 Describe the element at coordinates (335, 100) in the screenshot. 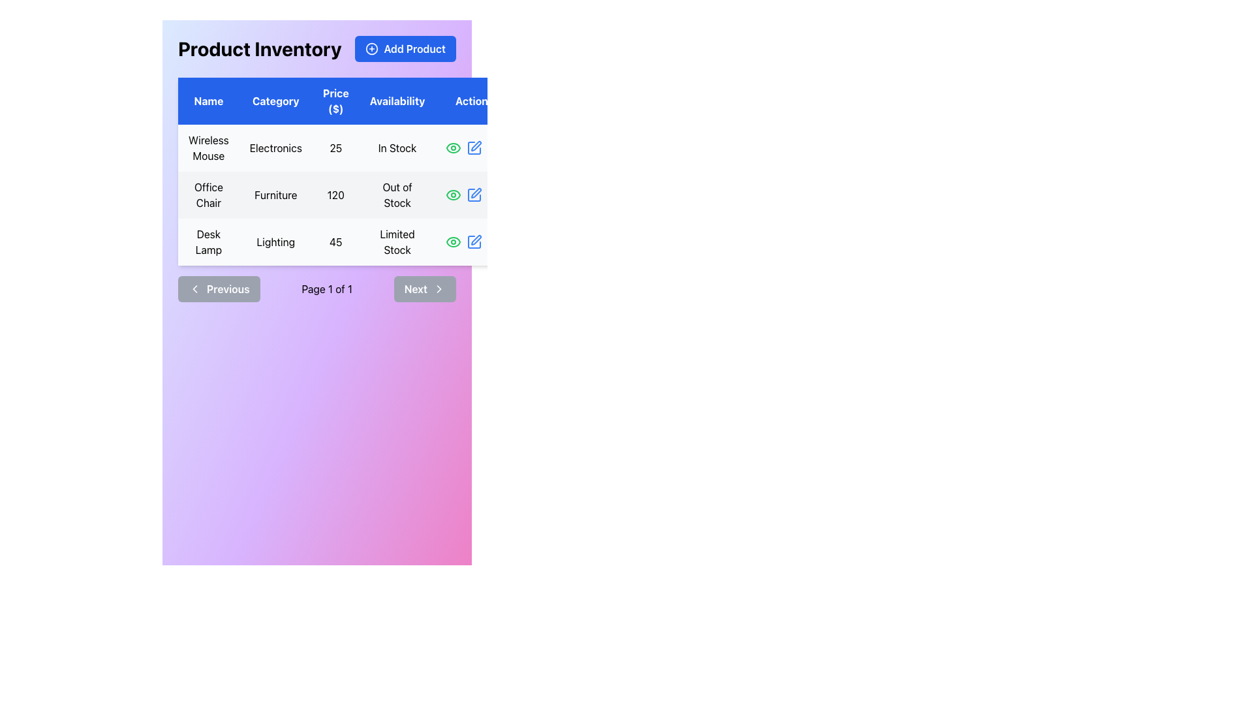

I see `the header text label indicating price values in dollars, which is centrally aligned in the third position of a five-column header row at the top of a table layout` at that location.